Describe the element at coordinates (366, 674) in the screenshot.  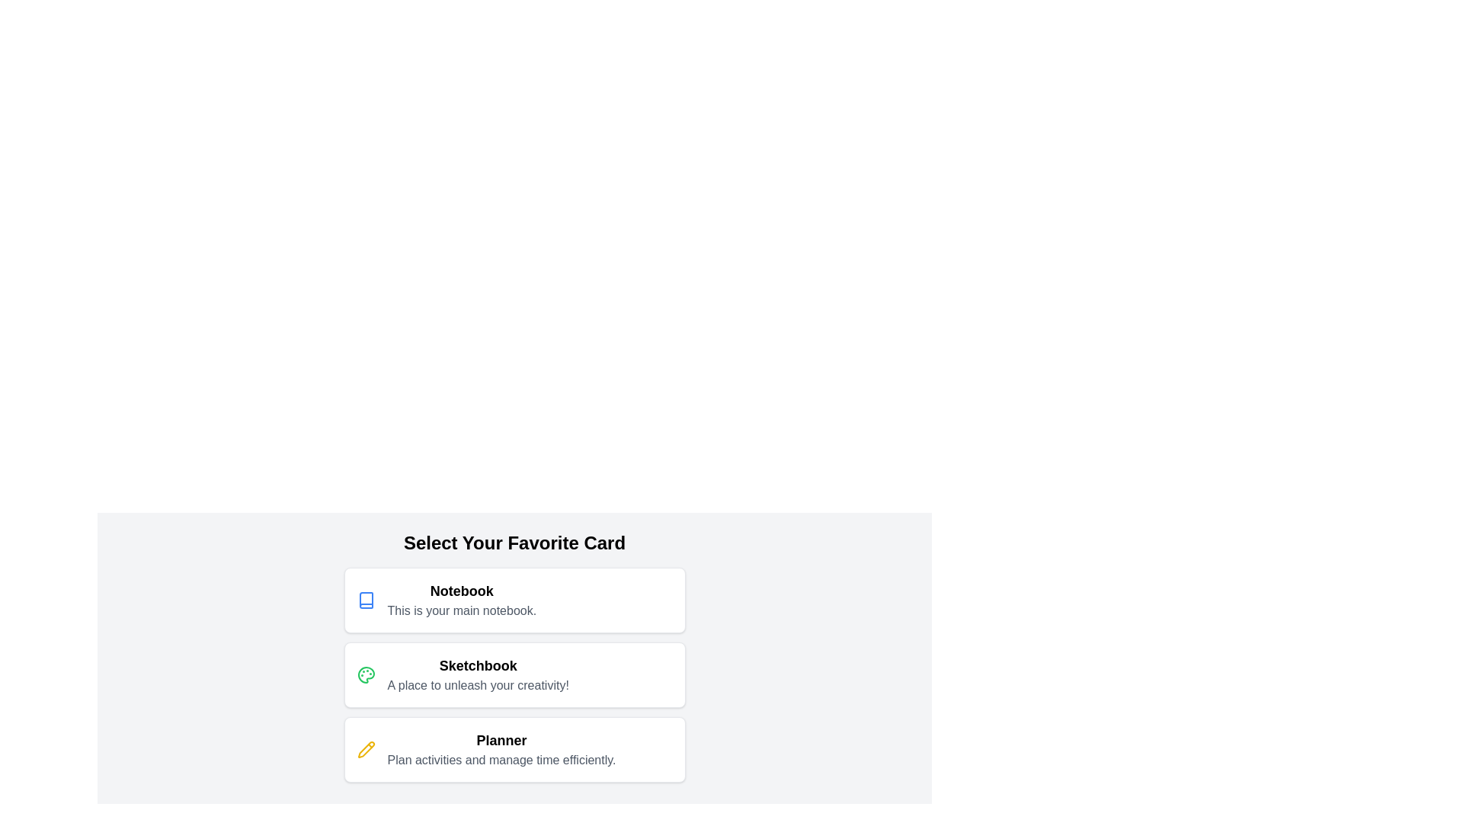
I see `the SVG graphical icon component representing a painter's palette, which signifies artistic tools or expression` at that location.